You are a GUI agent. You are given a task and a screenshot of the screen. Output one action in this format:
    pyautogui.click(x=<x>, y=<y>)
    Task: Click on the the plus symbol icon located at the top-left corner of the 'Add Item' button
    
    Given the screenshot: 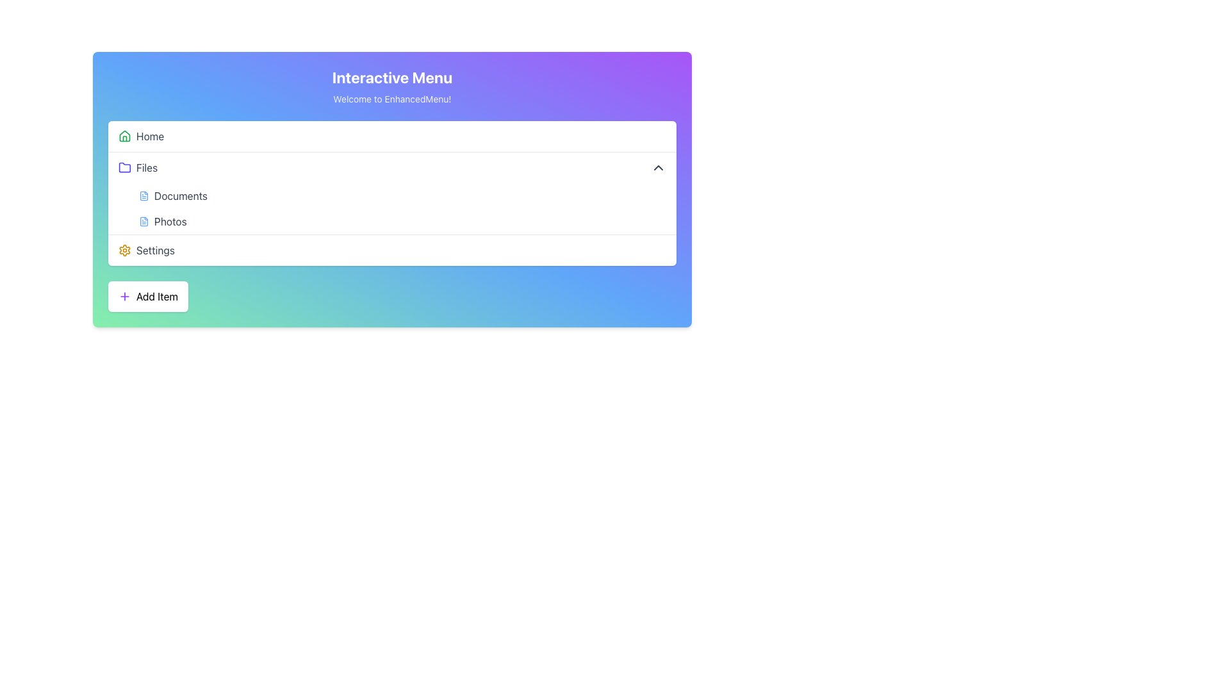 What is the action you would take?
    pyautogui.click(x=125, y=296)
    